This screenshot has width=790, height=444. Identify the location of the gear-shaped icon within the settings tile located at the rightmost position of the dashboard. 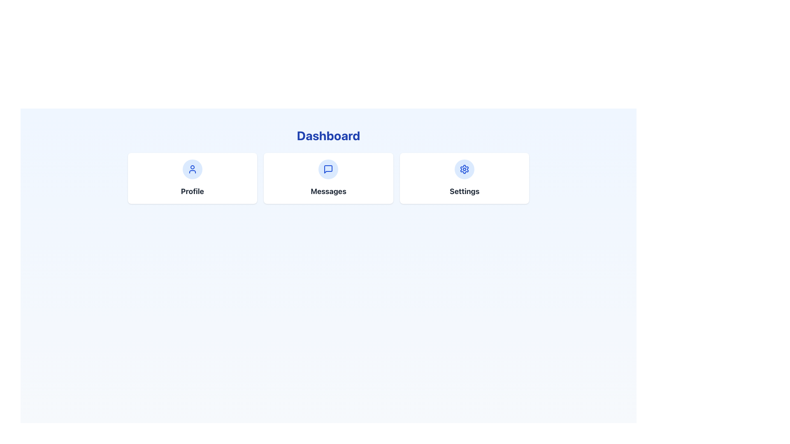
(465, 169).